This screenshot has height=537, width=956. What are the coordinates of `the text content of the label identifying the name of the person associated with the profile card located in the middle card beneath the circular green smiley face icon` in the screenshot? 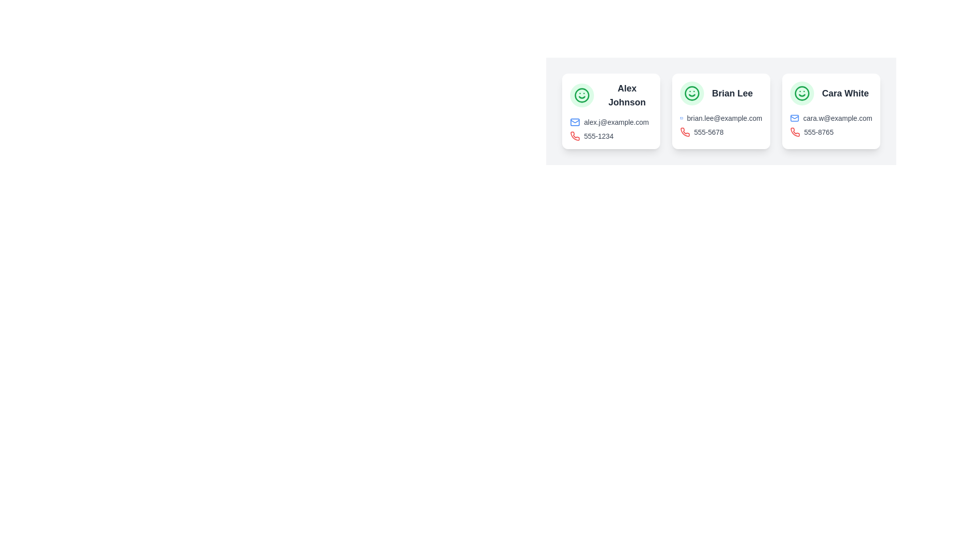 It's located at (732, 93).